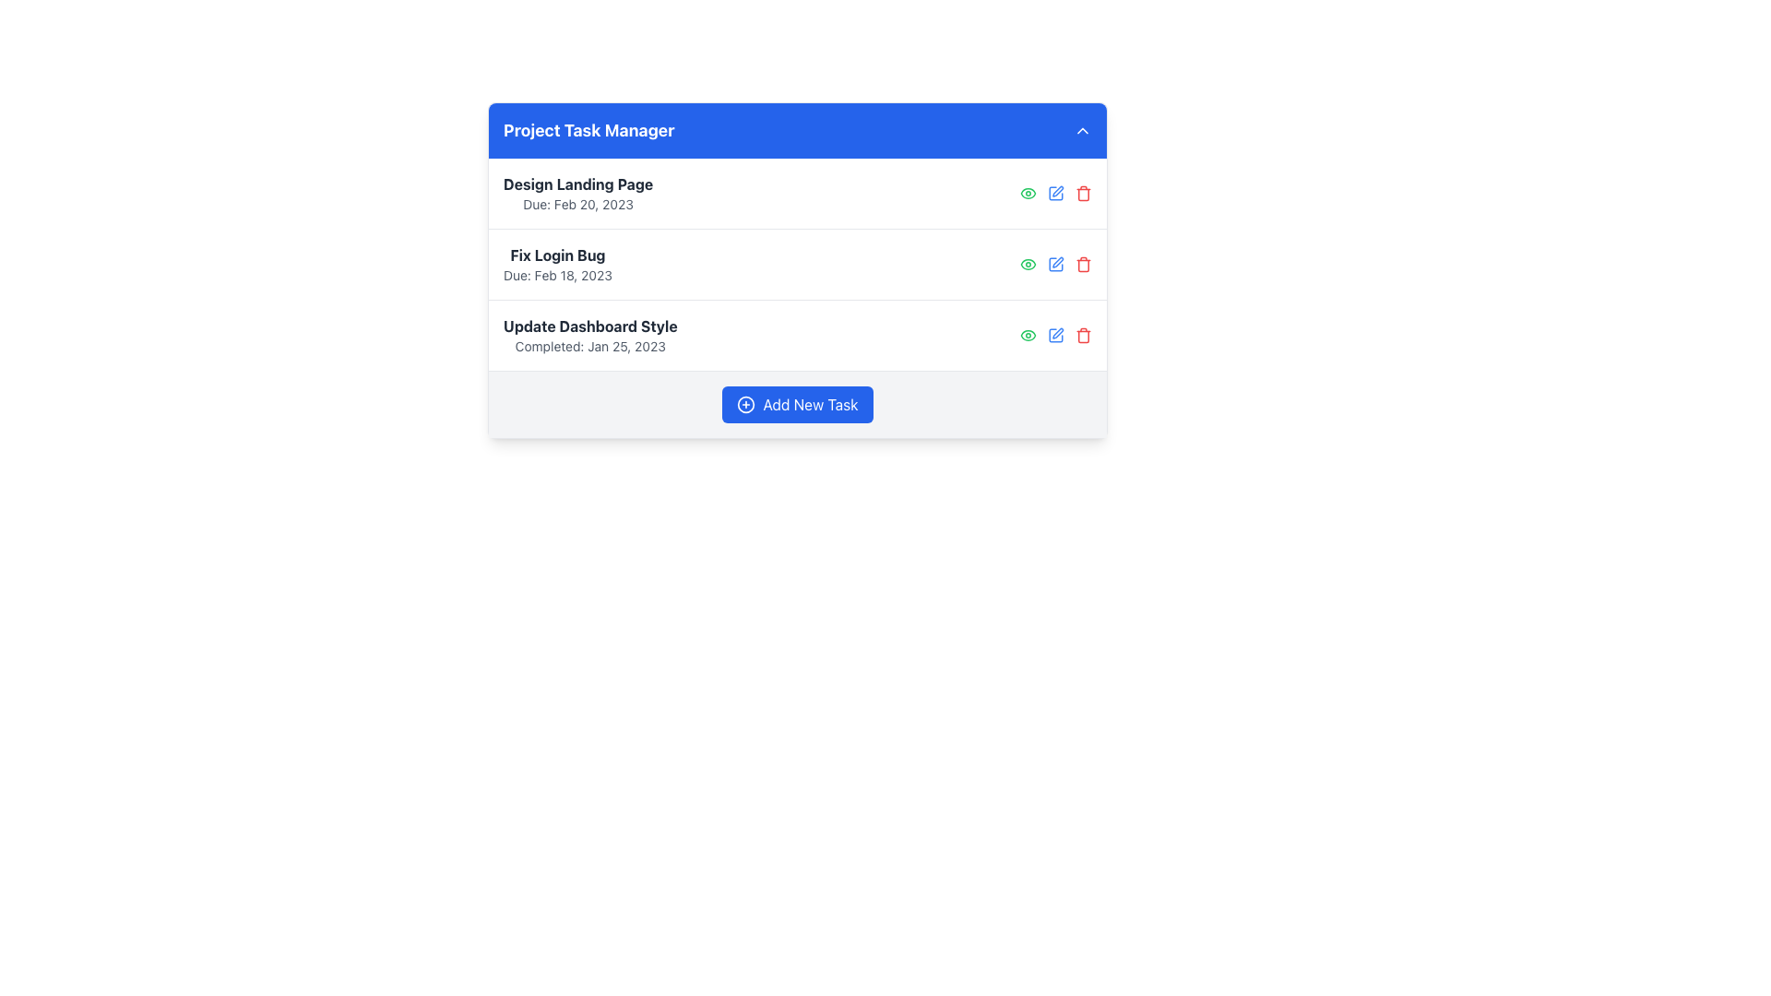 The width and height of the screenshot is (1771, 996). What do you see at coordinates (556, 255) in the screenshot?
I see `text content of the title label for the second task item in the 'Project Task Manager' section, which is centrally located in its task block` at bounding box center [556, 255].